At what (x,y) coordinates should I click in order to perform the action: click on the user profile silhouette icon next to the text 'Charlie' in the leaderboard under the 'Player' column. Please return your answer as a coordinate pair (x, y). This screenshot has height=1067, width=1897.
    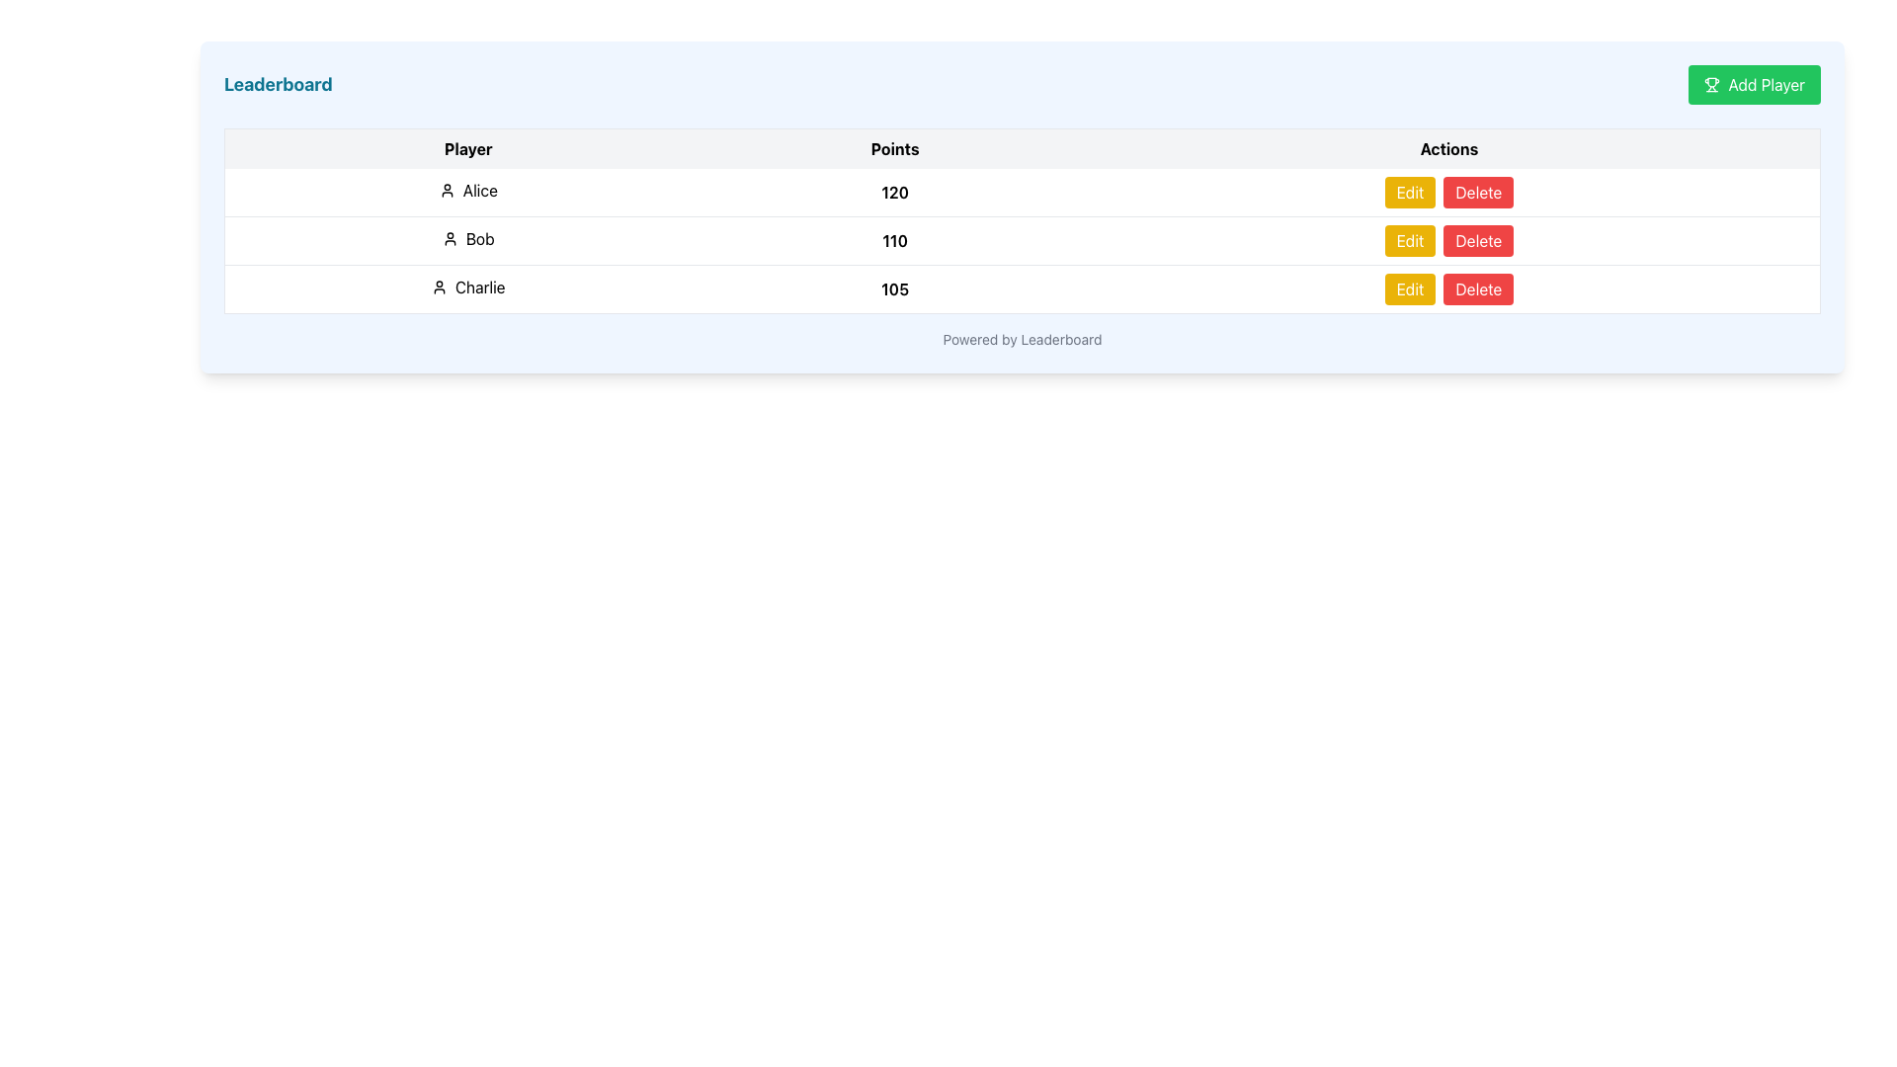
    Looking at the image, I should click on (438, 287).